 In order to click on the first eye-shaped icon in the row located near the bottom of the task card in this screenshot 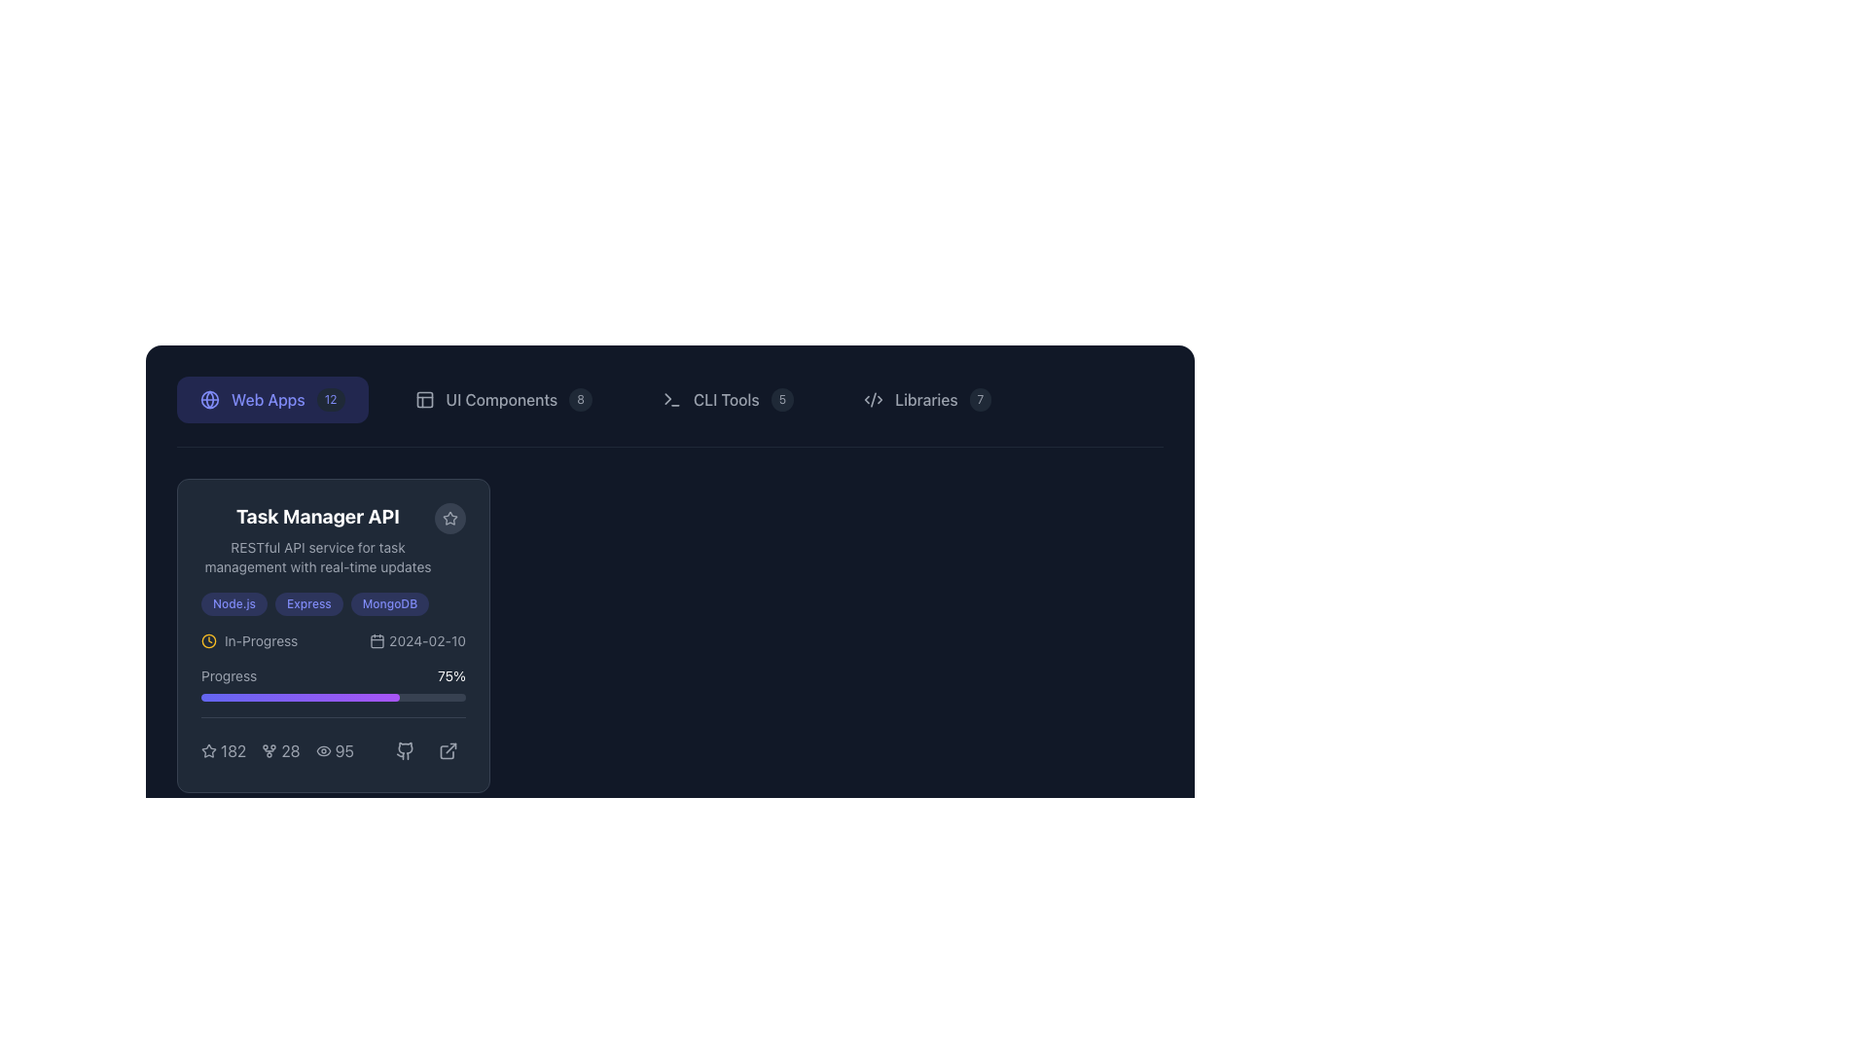, I will do `click(323, 749)`.